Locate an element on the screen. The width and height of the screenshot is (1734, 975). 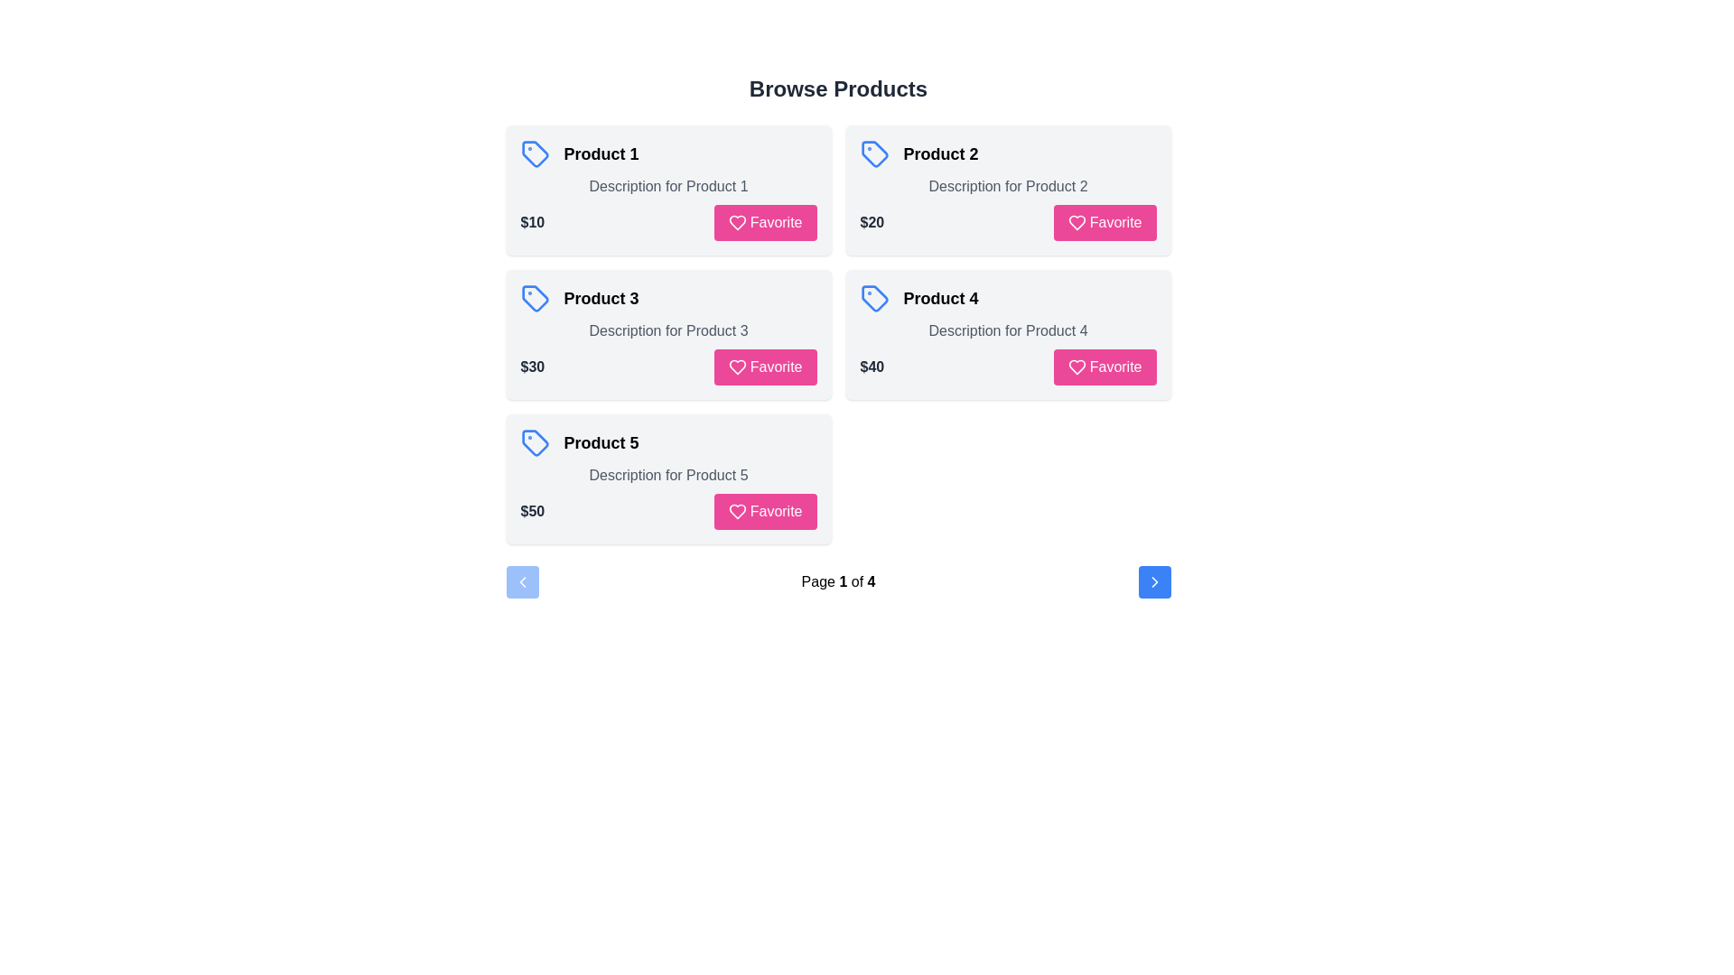
the text label reading 'Product 2' located in the top-right card of the grid layout under the 'Browse Products' header, positioned to the right of the blue tag icon is located at coordinates (939, 153).